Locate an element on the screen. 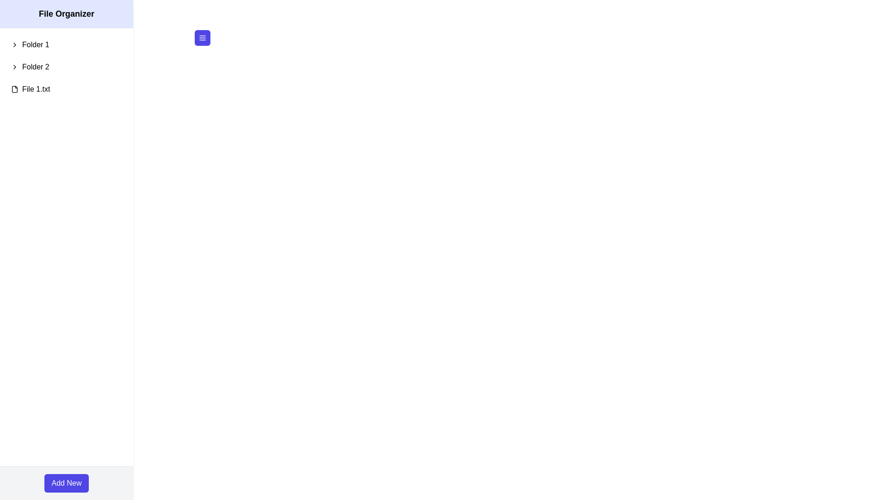 The width and height of the screenshot is (888, 500). the right-pointing arrow toggle button located to the left of the 'Folder 1' label in the file organizer list for keyboard navigation is located at coordinates (15, 44).